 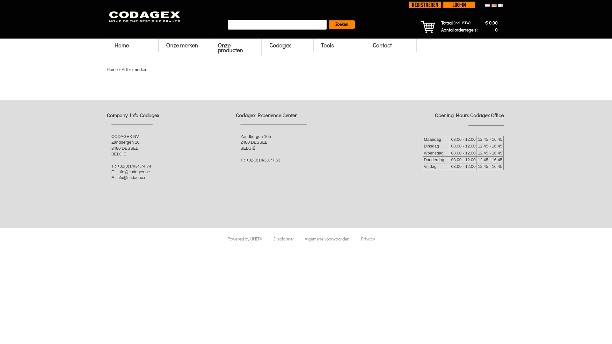 What do you see at coordinates (494, 5) in the screenshot?
I see `'Deutsch'` at bounding box center [494, 5].